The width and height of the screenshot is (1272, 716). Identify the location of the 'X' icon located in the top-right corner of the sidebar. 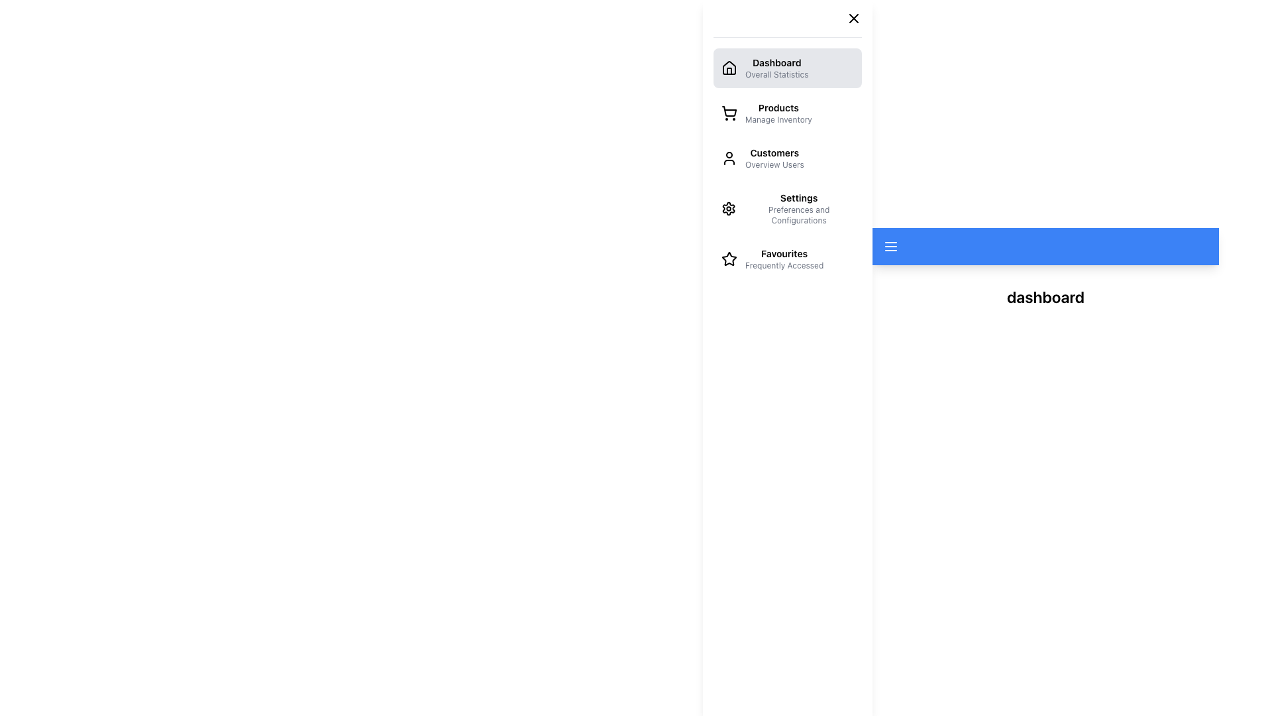
(854, 18).